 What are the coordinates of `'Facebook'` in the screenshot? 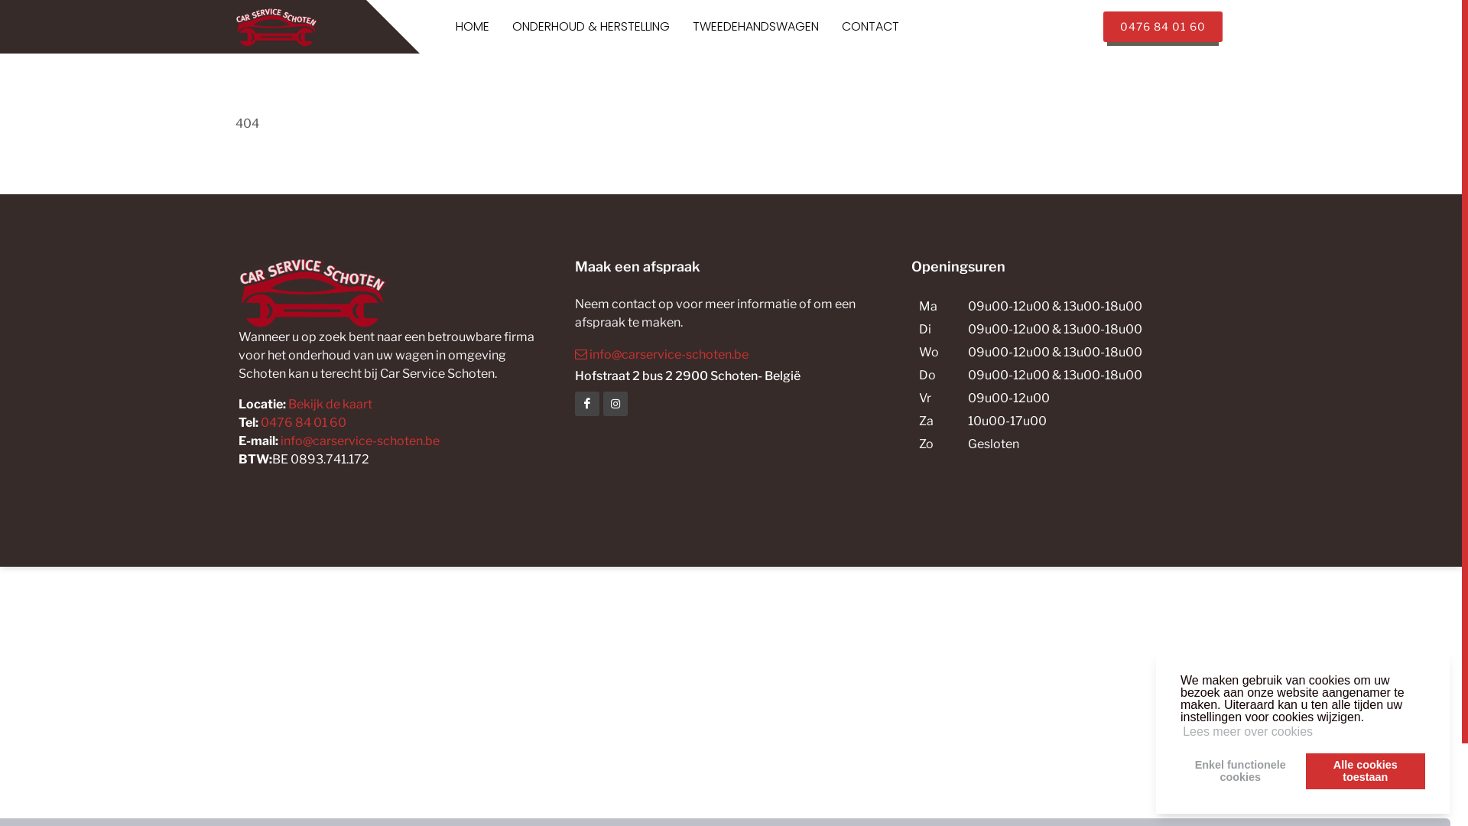 It's located at (586, 403).